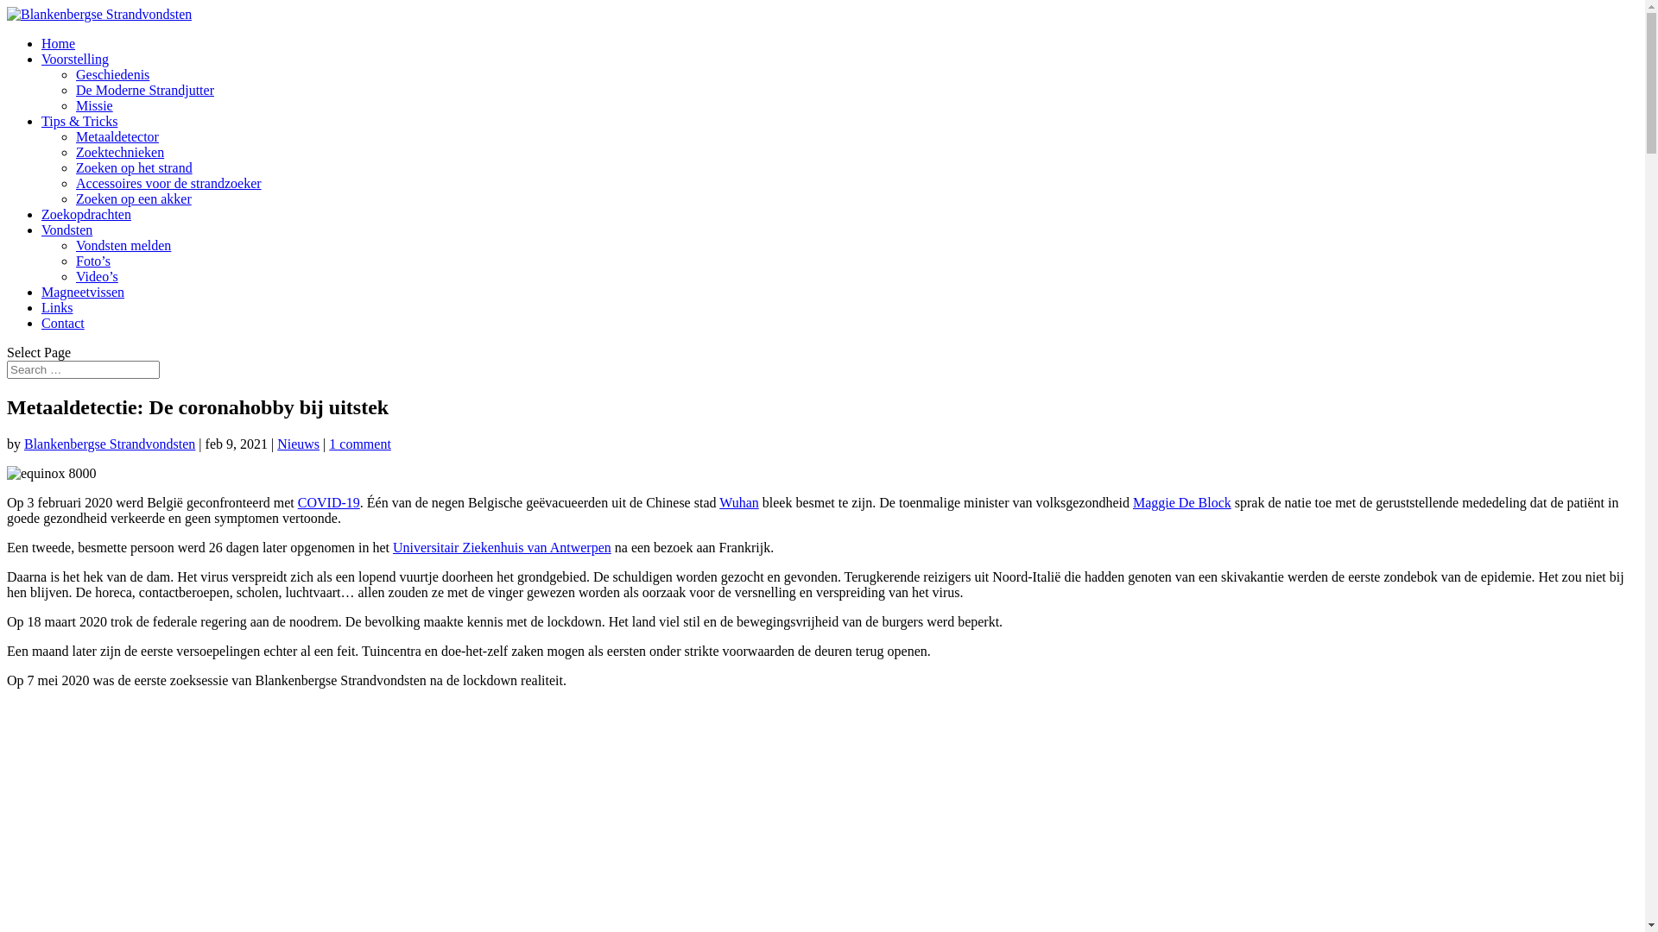  What do you see at coordinates (119, 151) in the screenshot?
I see `'Zoektechnieken'` at bounding box center [119, 151].